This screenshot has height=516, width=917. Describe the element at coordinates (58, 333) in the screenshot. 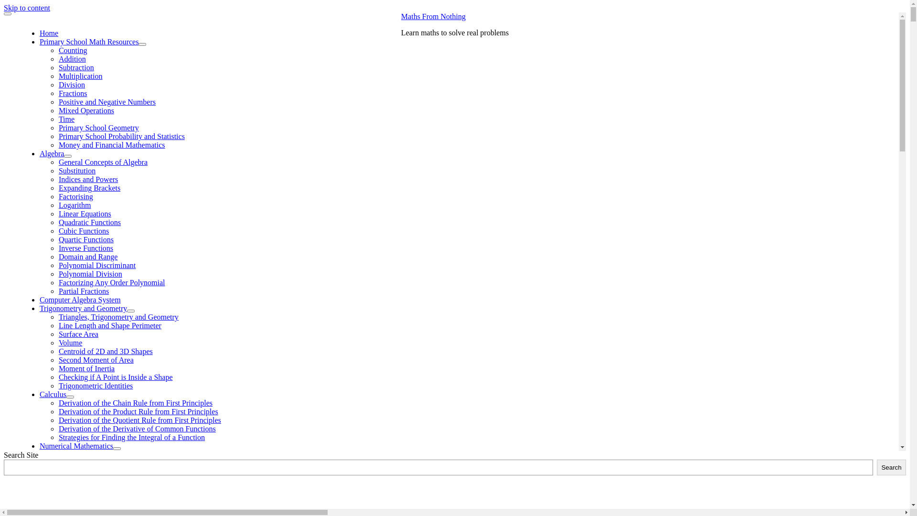

I see `'Surface Area'` at that location.